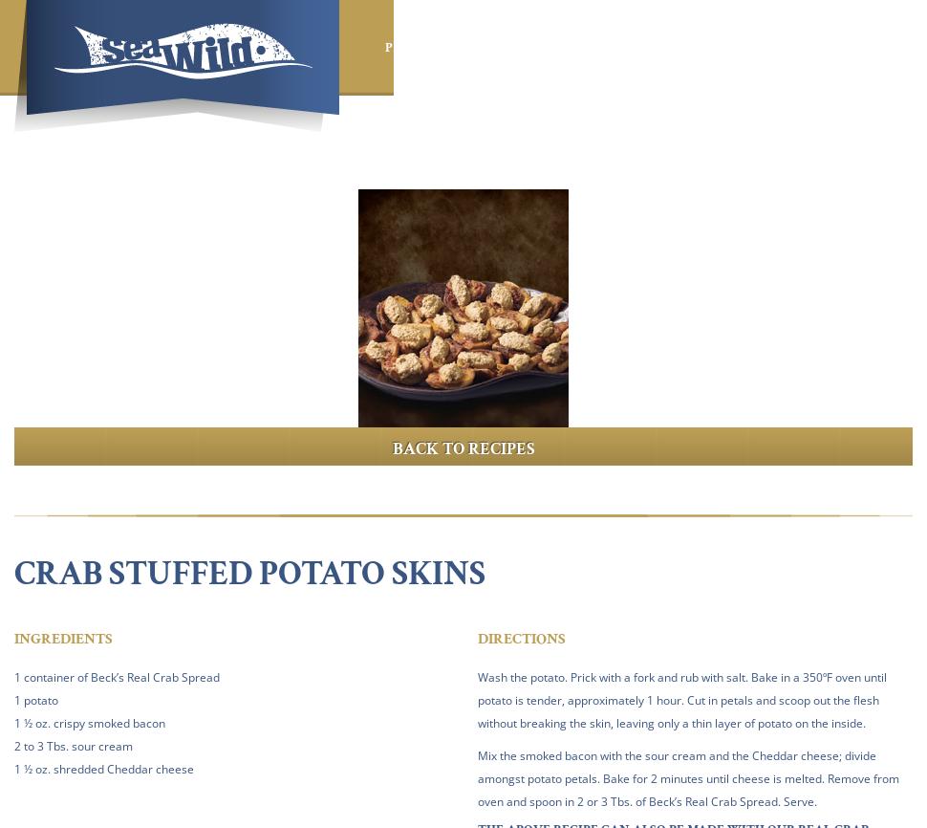 This screenshot has height=828, width=927. Describe the element at coordinates (463, 448) in the screenshot. I see `'back to recipes'` at that location.